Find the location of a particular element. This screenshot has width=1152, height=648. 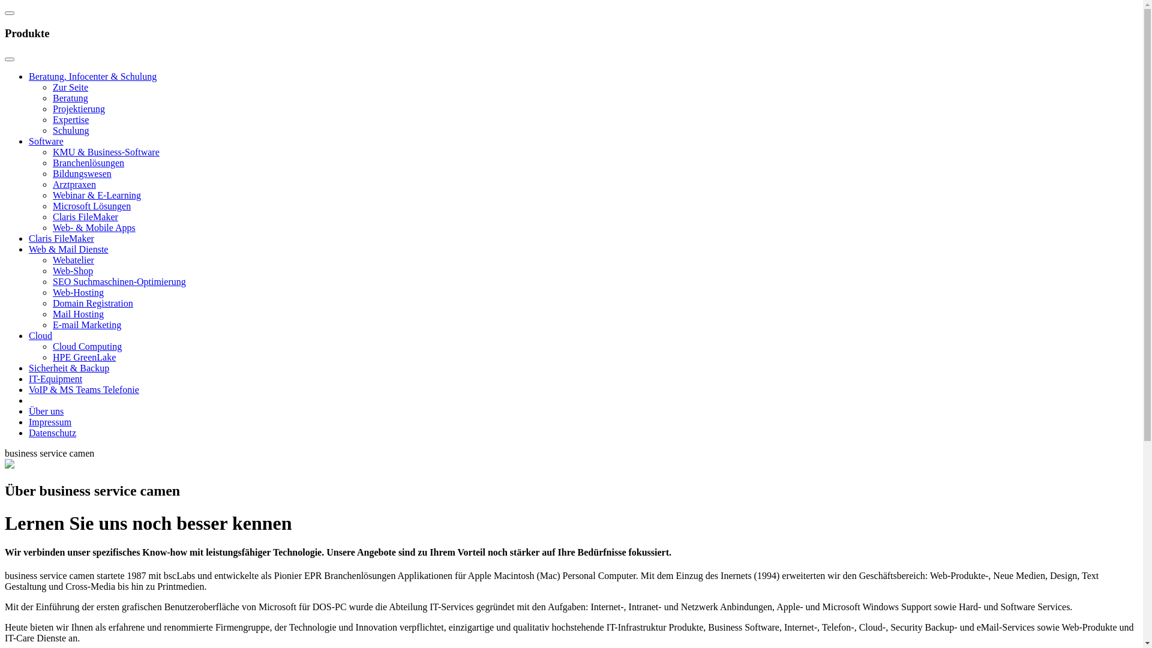

'IT-Equipment' is located at coordinates (55, 379).